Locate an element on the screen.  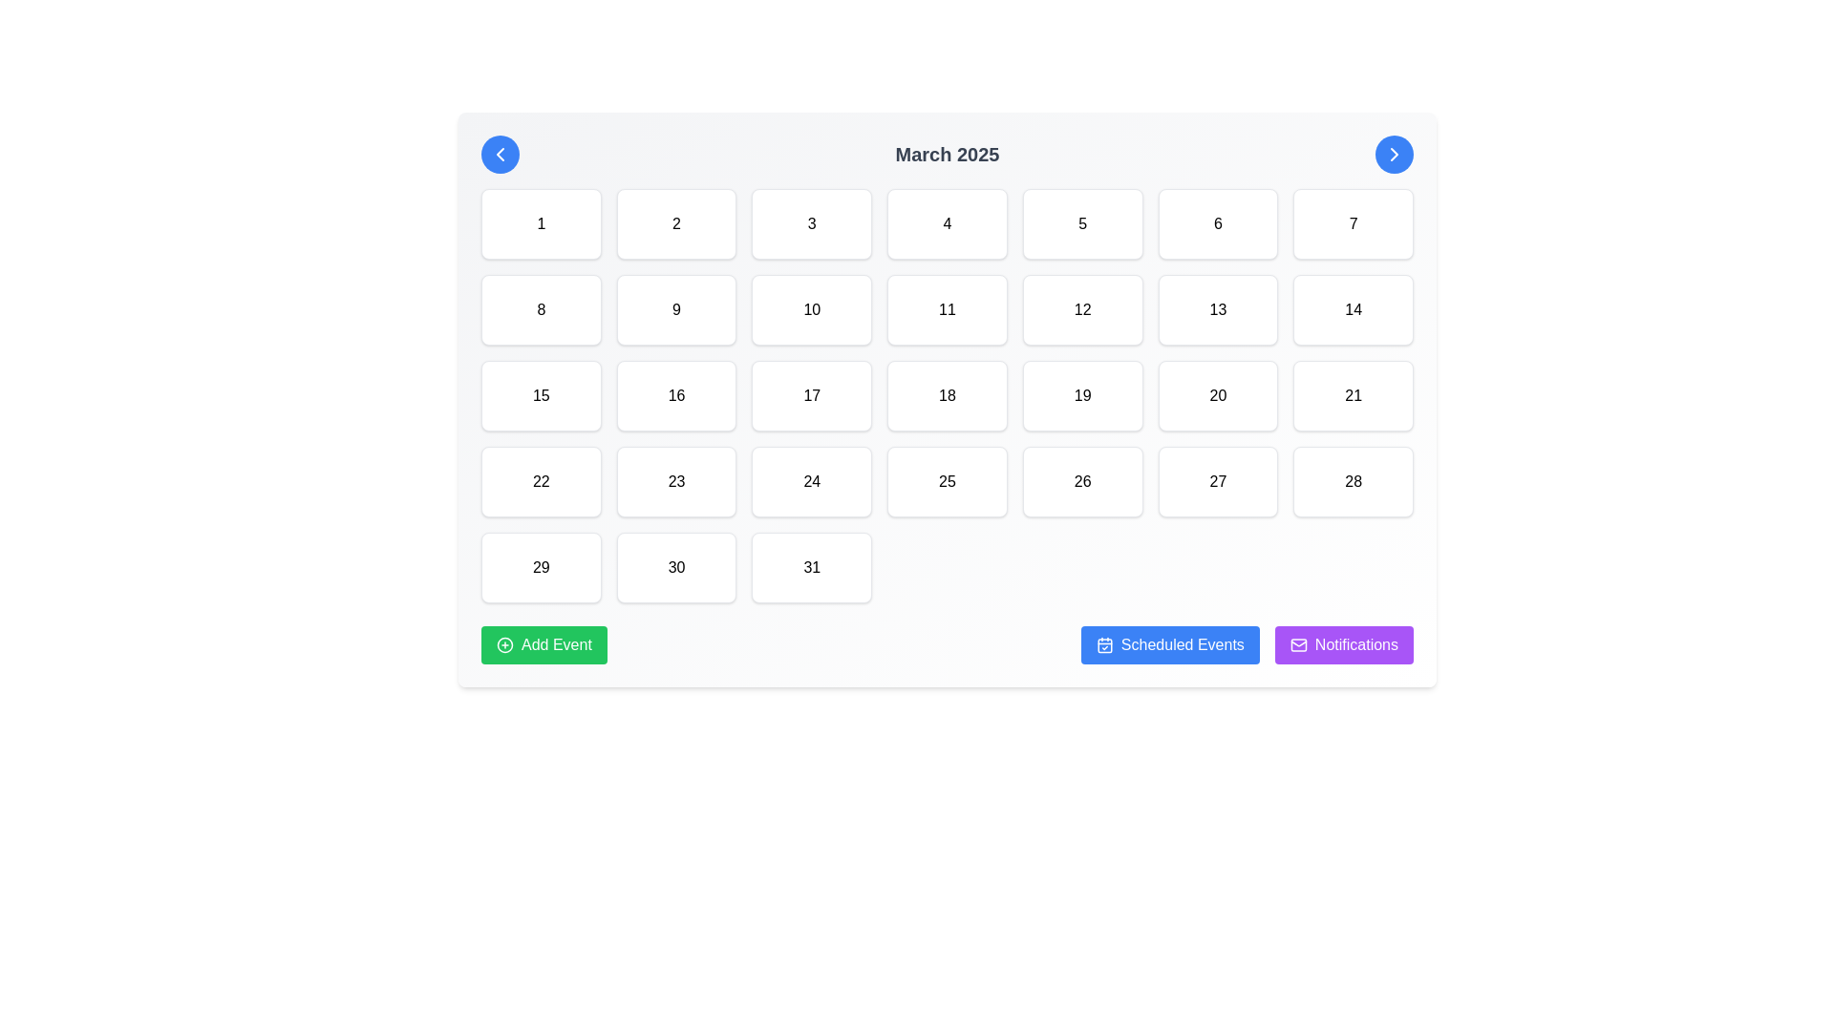
the calendar grid cell representing the date '28' is located at coordinates (1352, 481).